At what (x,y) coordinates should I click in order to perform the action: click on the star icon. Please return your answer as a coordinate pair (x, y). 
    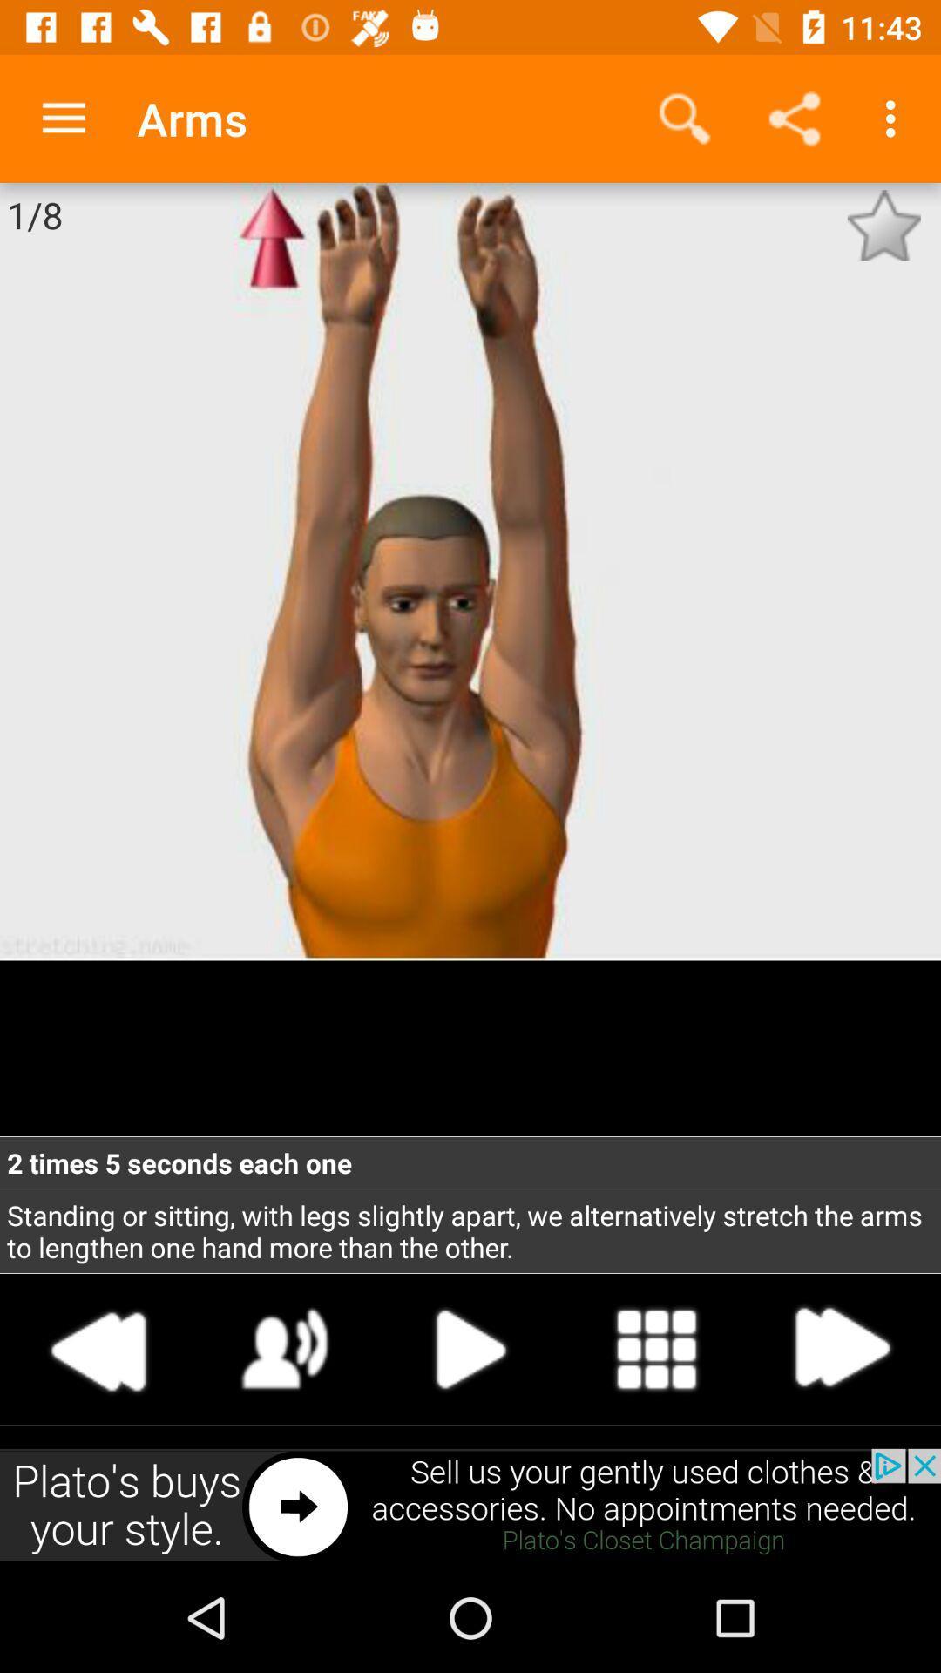
    Looking at the image, I should click on (883, 225).